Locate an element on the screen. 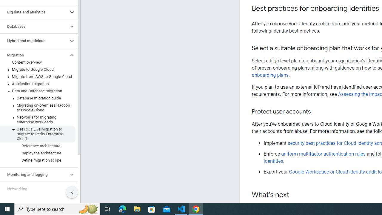 This screenshot has height=215, width=382. 'Networking' is located at coordinates (34, 189).